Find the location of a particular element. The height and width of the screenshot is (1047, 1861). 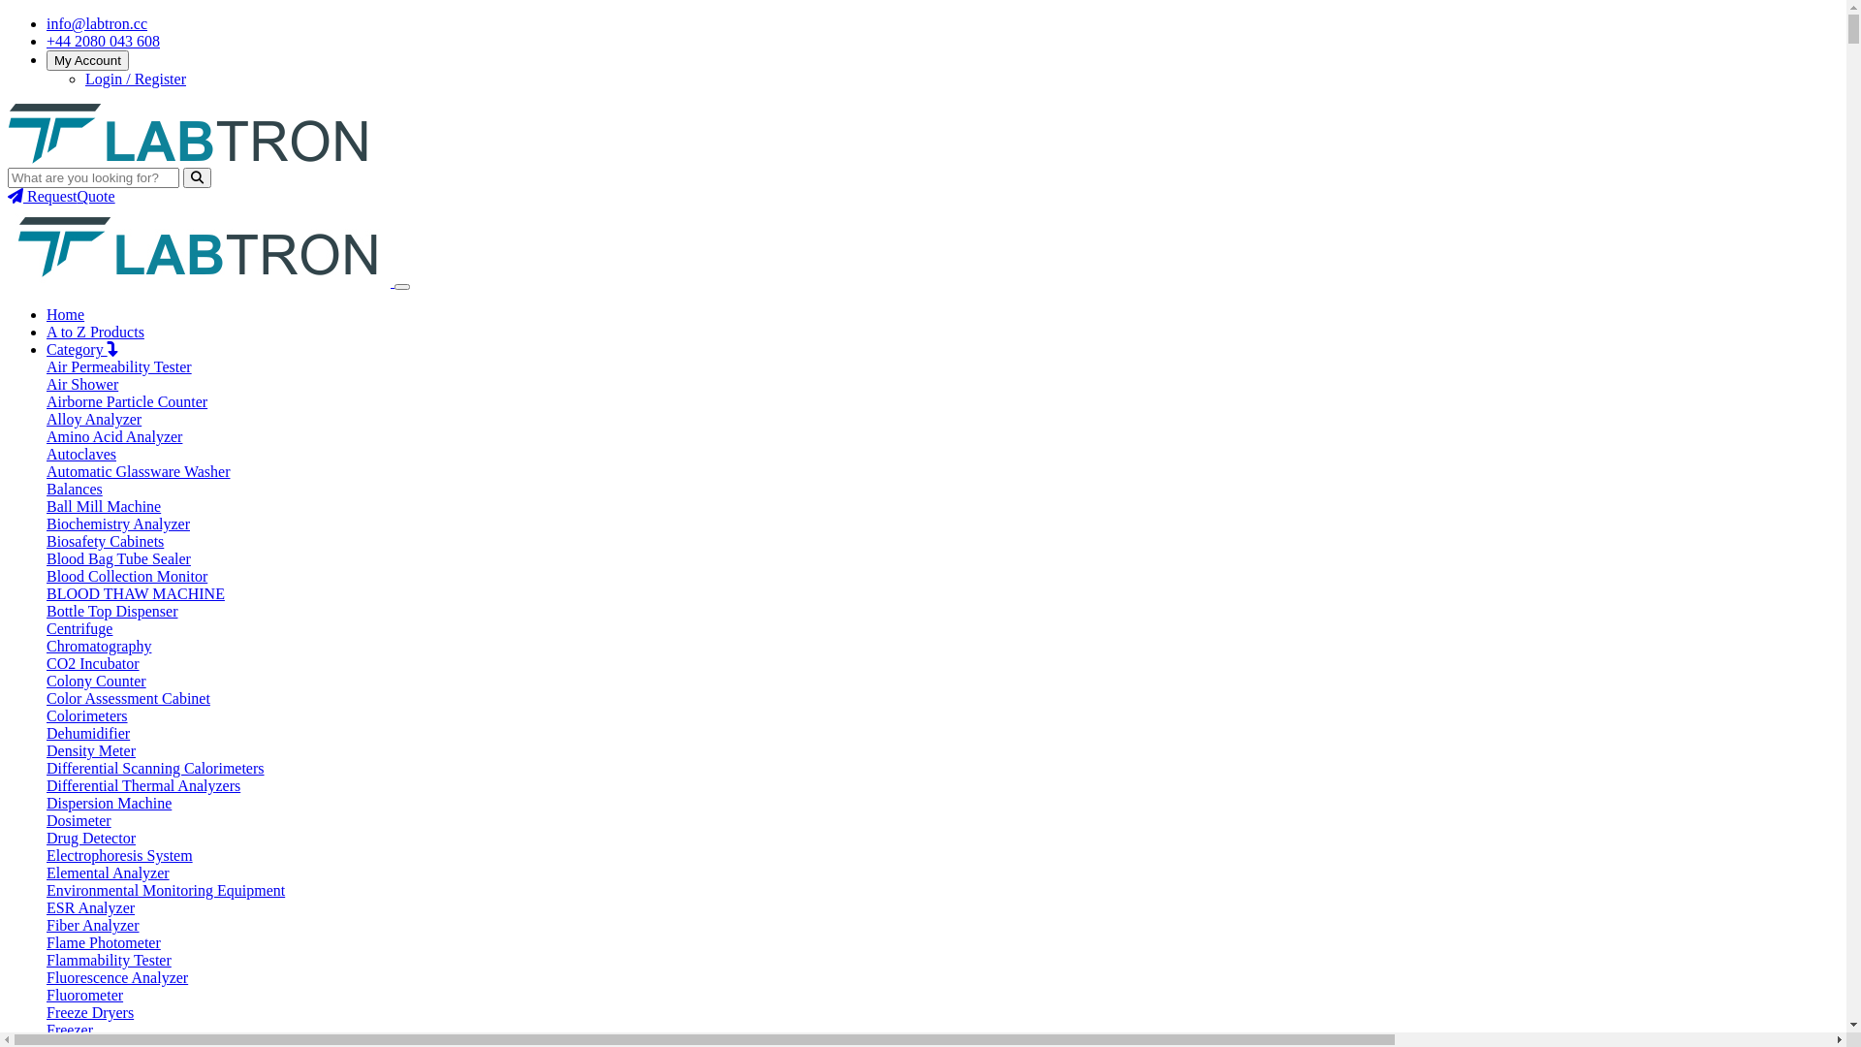

'Fluorescence Analyzer' is located at coordinates (115, 977).